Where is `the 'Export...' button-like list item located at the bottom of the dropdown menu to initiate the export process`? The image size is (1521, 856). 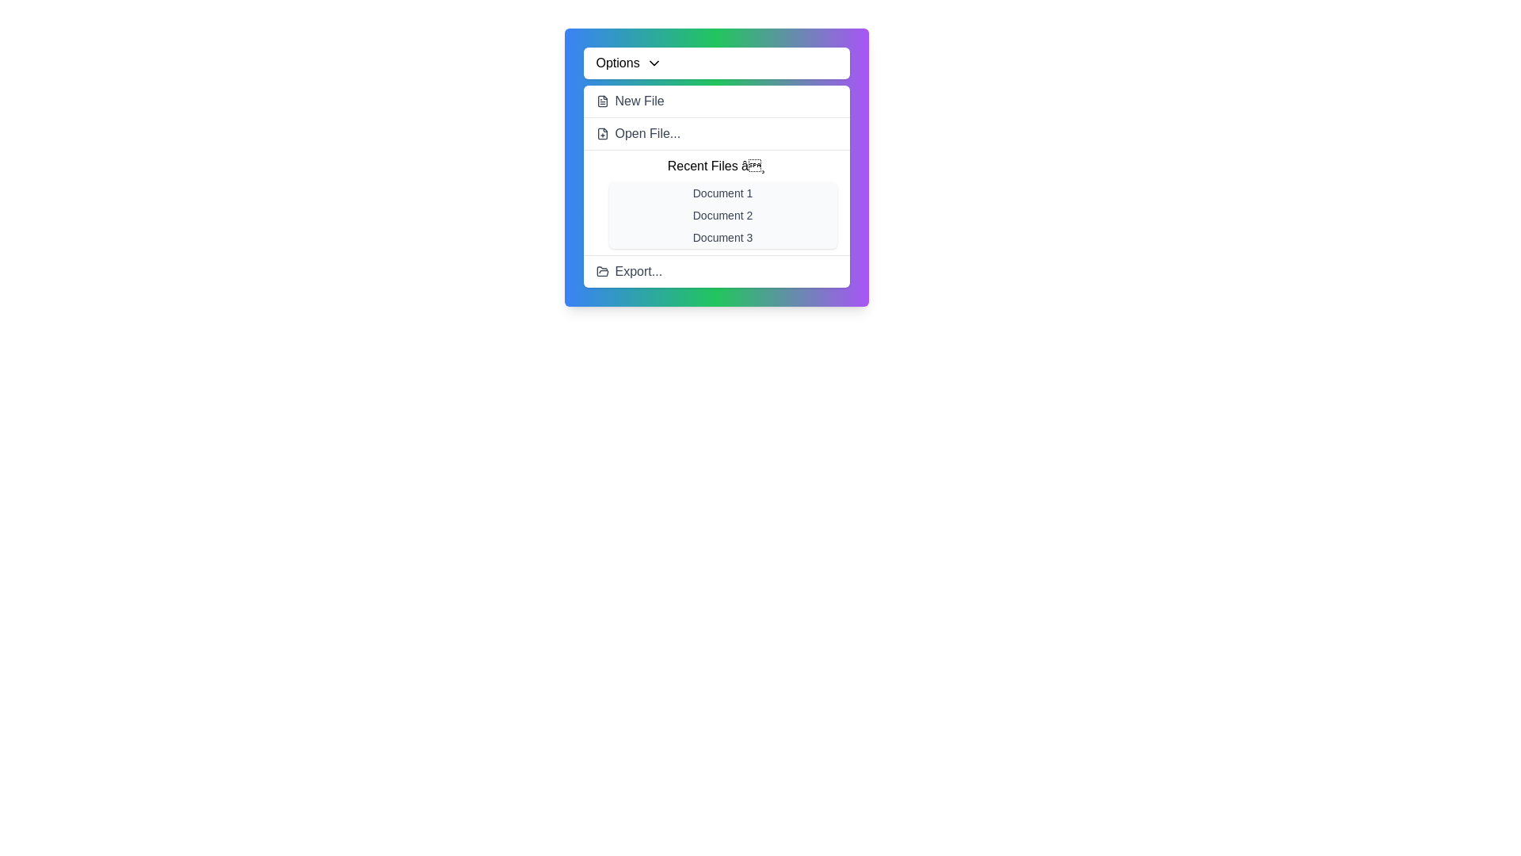
the 'Export...' button-like list item located at the bottom of the dropdown menu to initiate the export process is located at coordinates (715, 270).